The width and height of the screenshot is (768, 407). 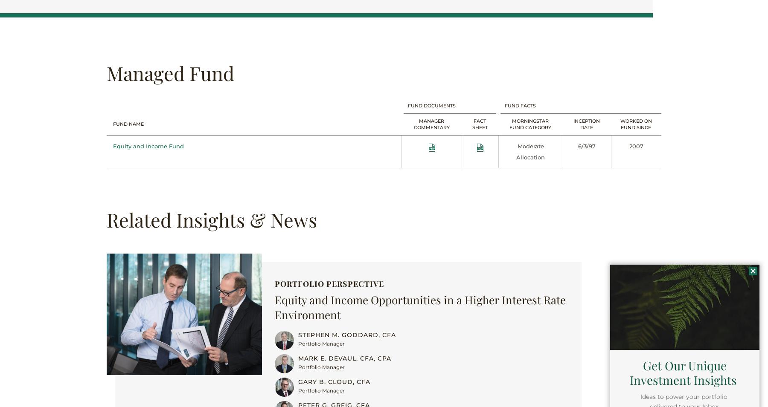 I want to click on 'Stephen M. Goddard, CFA', so click(x=297, y=334).